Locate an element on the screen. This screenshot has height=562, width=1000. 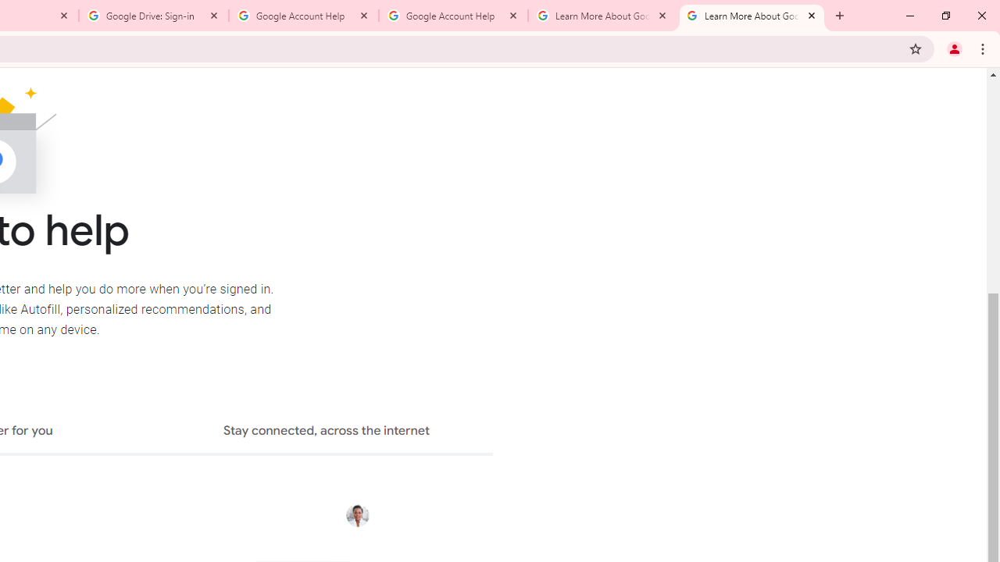
'Google Account Help' is located at coordinates (452, 16).